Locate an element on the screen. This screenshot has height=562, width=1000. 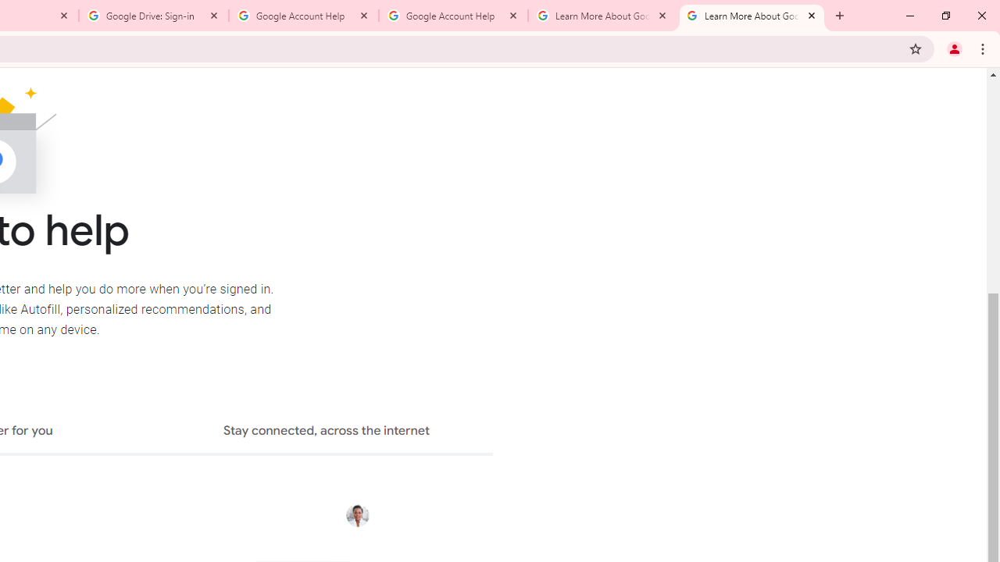
'Google Account Help' is located at coordinates (452, 16).